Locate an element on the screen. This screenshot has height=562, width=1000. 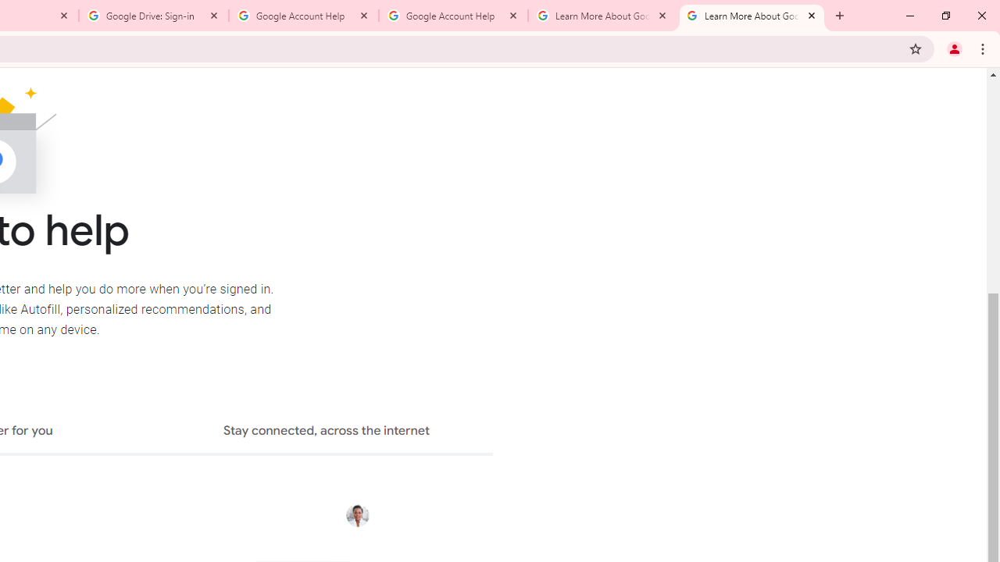
'Google Account Help' is located at coordinates (452, 16).